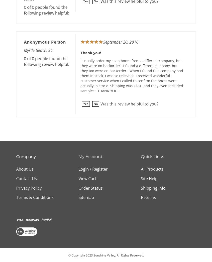 This screenshot has width=212, height=262. What do you see at coordinates (85, 104) in the screenshot?
I see `'Yes'` at bounding box center [85, 104].